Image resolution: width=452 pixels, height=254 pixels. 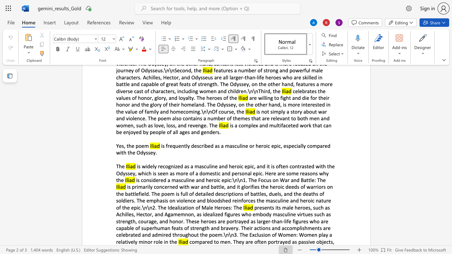 I want to click on the 21th character "s" in the text, so click(x=191, y=228).